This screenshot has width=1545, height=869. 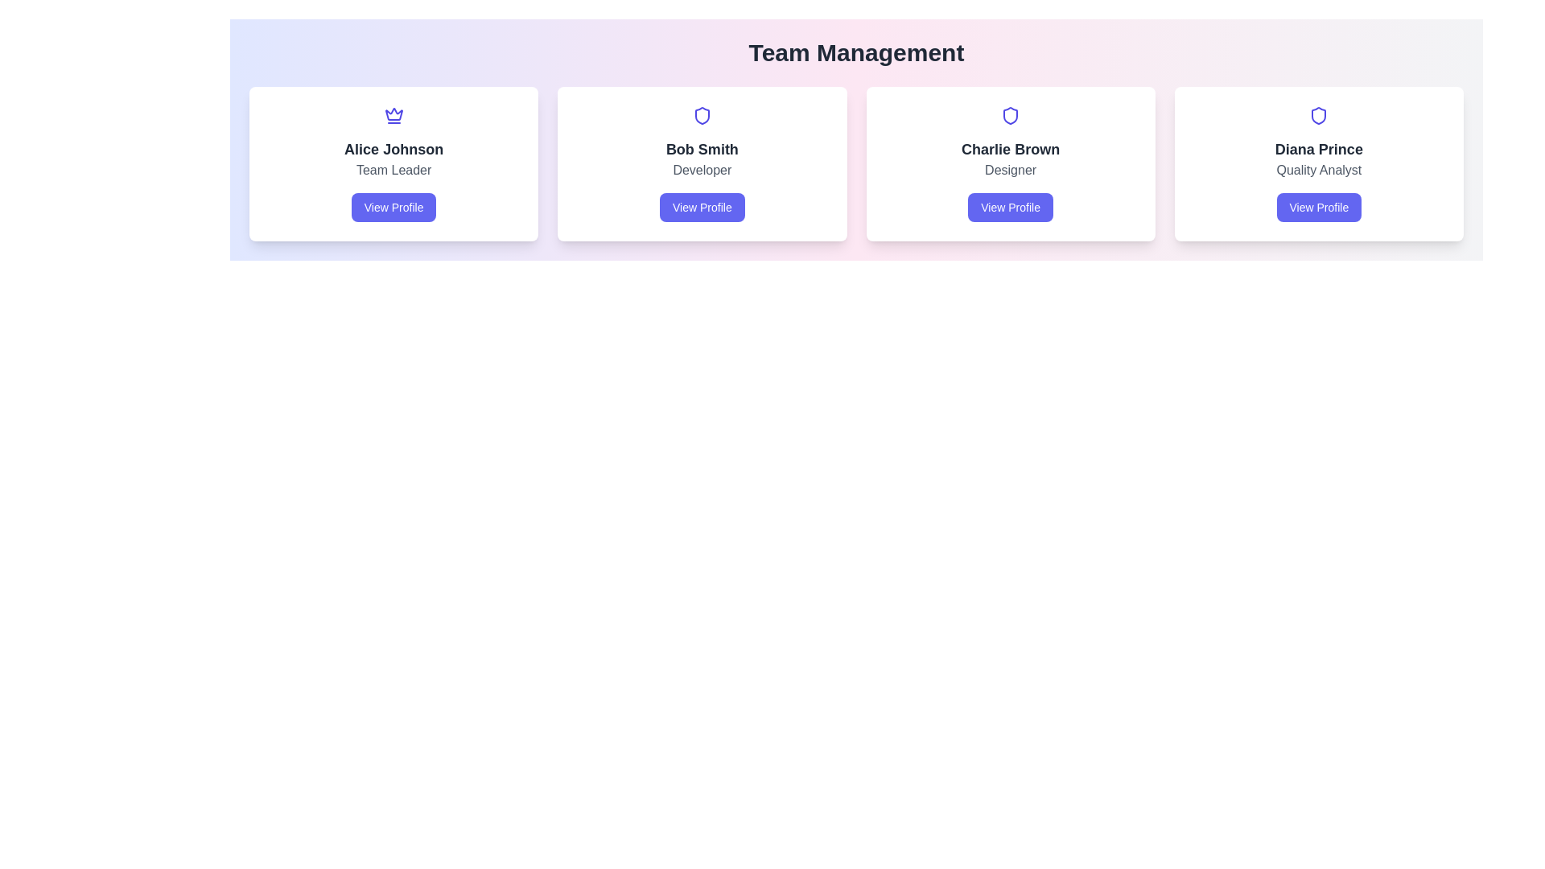 I want to click on the shield-shaped blue outlined icon located above the text 'Diana Prince' in the fourth card of the layout, so click(x=1319, y=114).